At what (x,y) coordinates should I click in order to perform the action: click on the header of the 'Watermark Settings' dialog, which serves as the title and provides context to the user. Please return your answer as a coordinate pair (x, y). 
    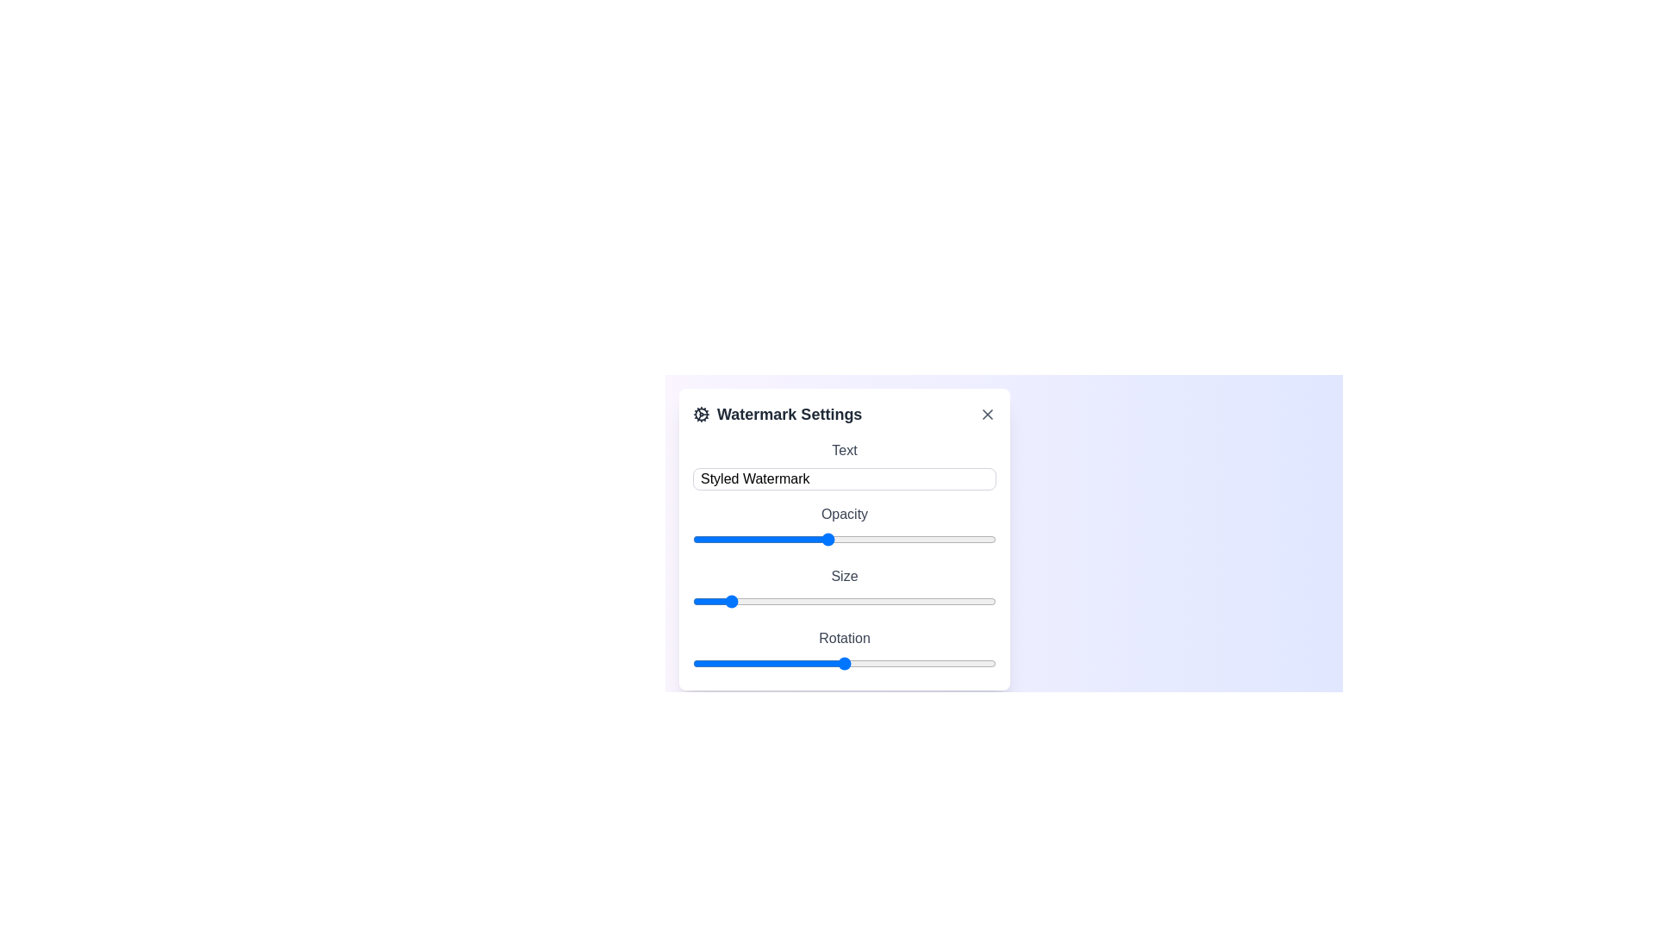
    Looking at the image, I should click on (844, 415).